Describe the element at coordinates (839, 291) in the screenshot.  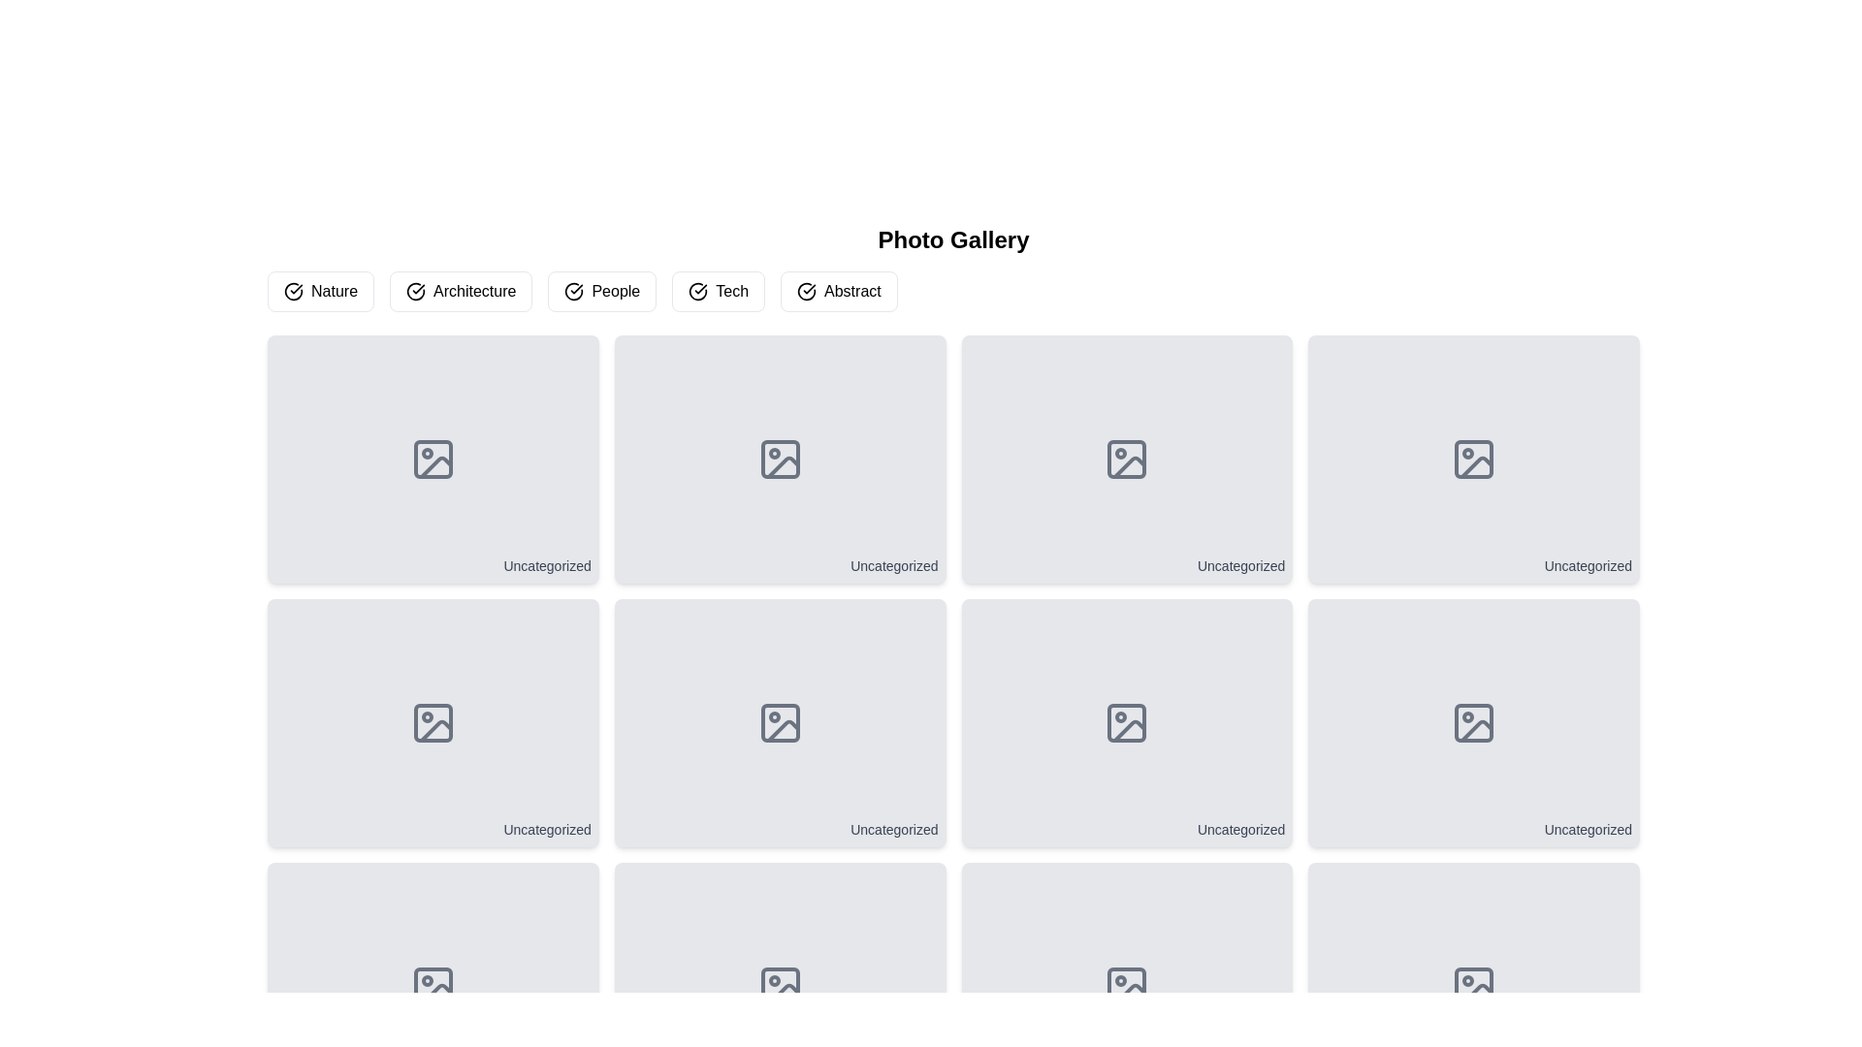
I see `the button located at the far rightmost side in the horizontal row of buttons, which serves as a filter or category toggle for 'Abstract'` at that location.